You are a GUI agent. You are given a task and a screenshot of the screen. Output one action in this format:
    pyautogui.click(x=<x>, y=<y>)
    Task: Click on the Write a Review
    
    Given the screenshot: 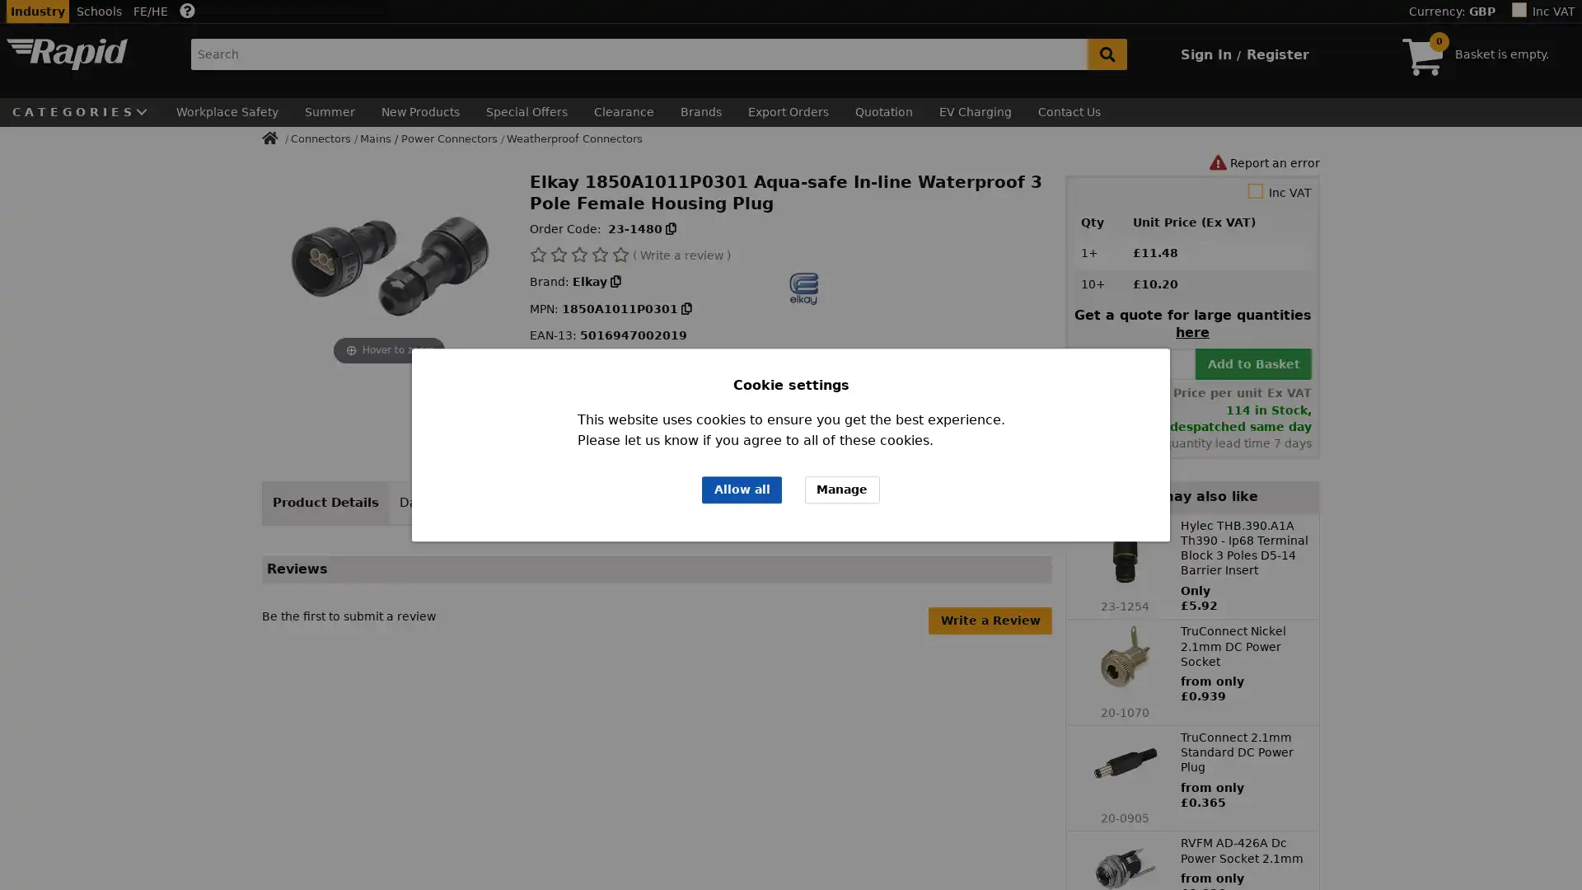 What is the action you would take?
    pyautogui.click(x=989, y=620)
    